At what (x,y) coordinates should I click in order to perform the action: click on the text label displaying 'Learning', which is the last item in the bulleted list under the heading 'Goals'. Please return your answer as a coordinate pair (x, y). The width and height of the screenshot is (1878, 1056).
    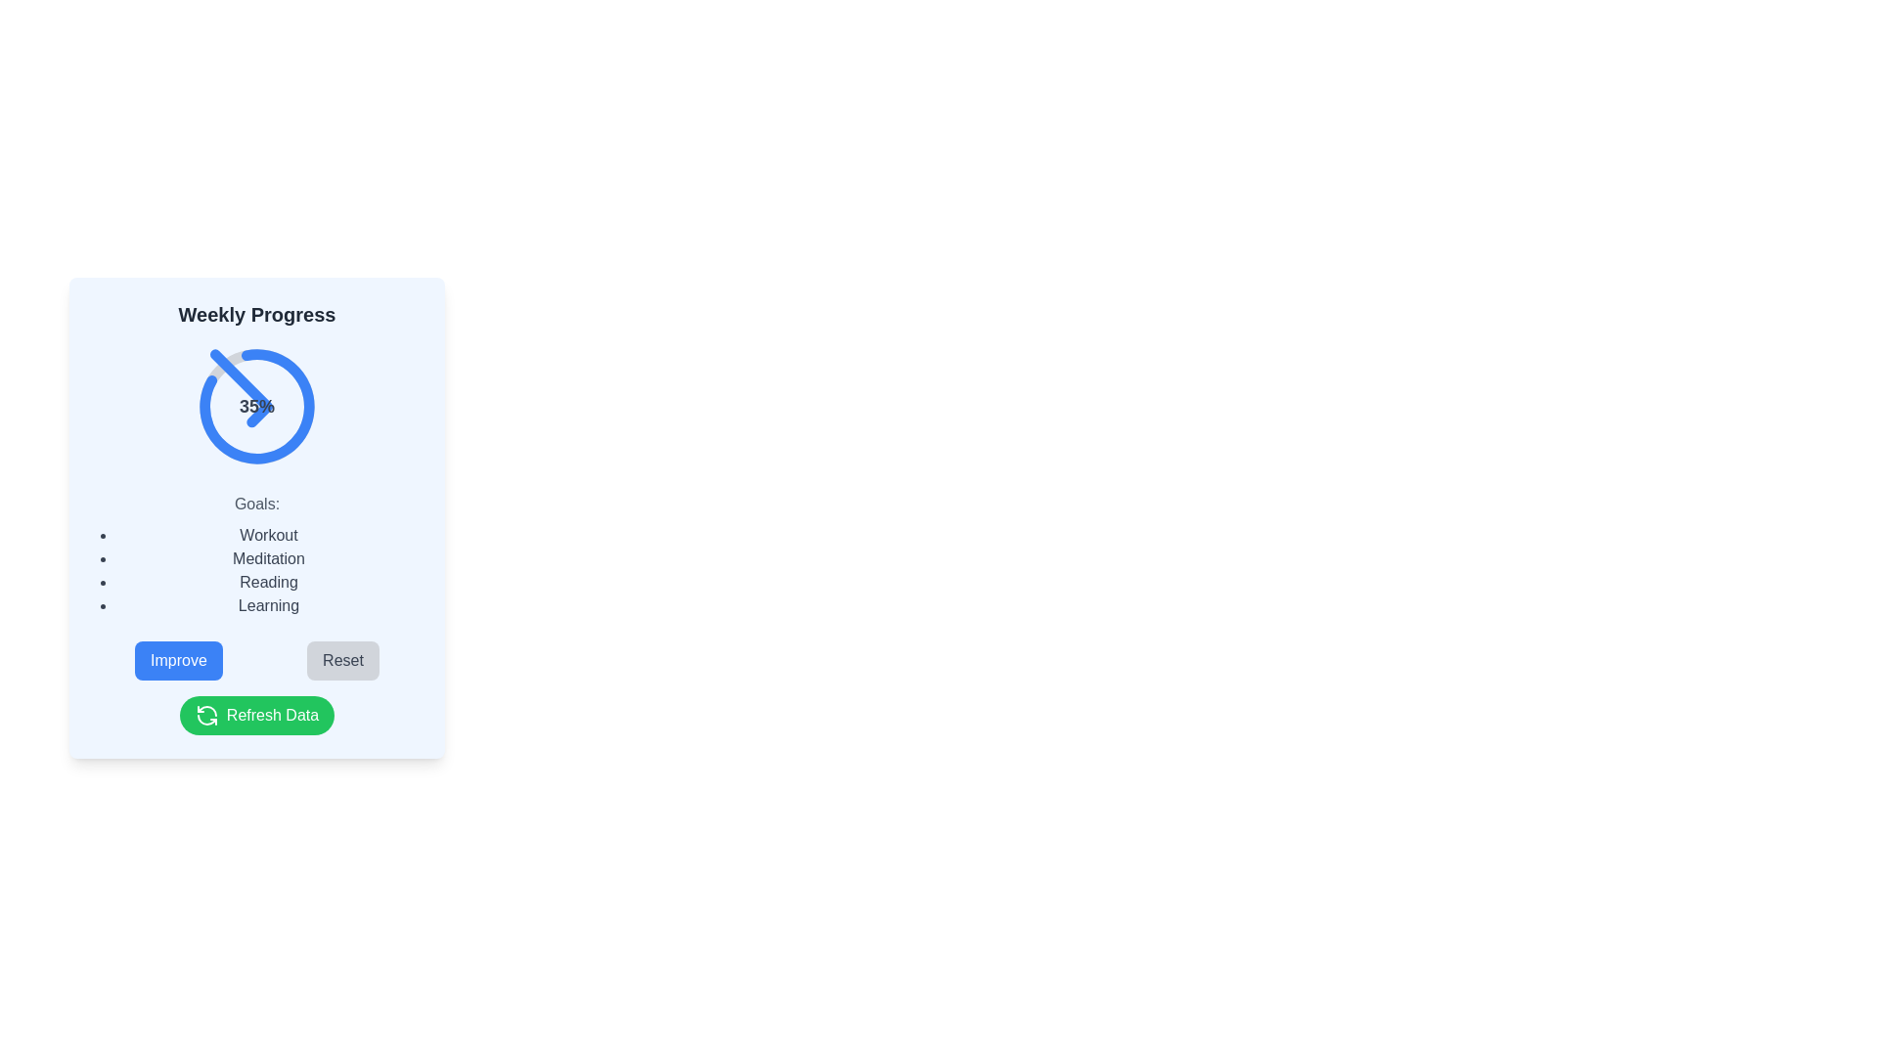
    Looking at the image, I should click on (267, 605).